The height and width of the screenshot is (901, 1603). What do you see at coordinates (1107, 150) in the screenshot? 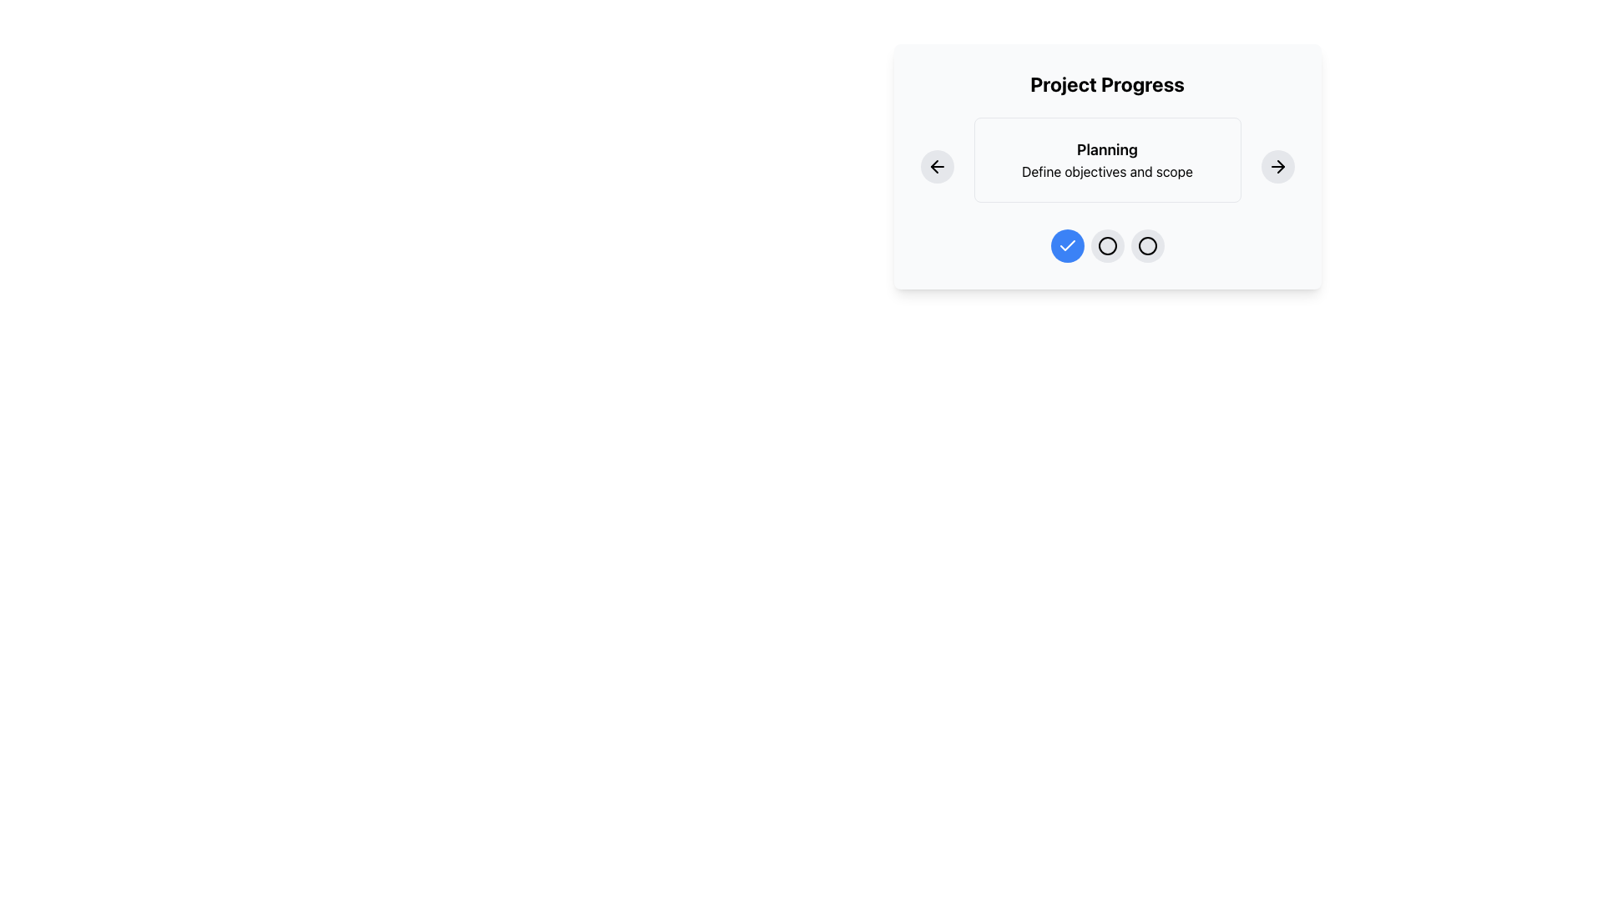
I see `header text located at the center of the white card-like section above the text 'Define objectives and scope'` at bounding box center [1107, 150].